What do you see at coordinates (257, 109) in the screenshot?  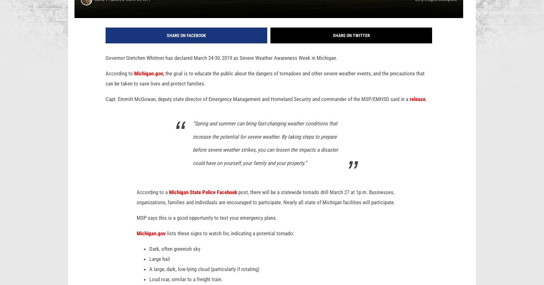 I see `'Capt. Emmitt McGowan, deputy state director of Emergency Management and Homeland Security and commander of the MSP/EMHSD said in a'` at bounding box center [257, 109].